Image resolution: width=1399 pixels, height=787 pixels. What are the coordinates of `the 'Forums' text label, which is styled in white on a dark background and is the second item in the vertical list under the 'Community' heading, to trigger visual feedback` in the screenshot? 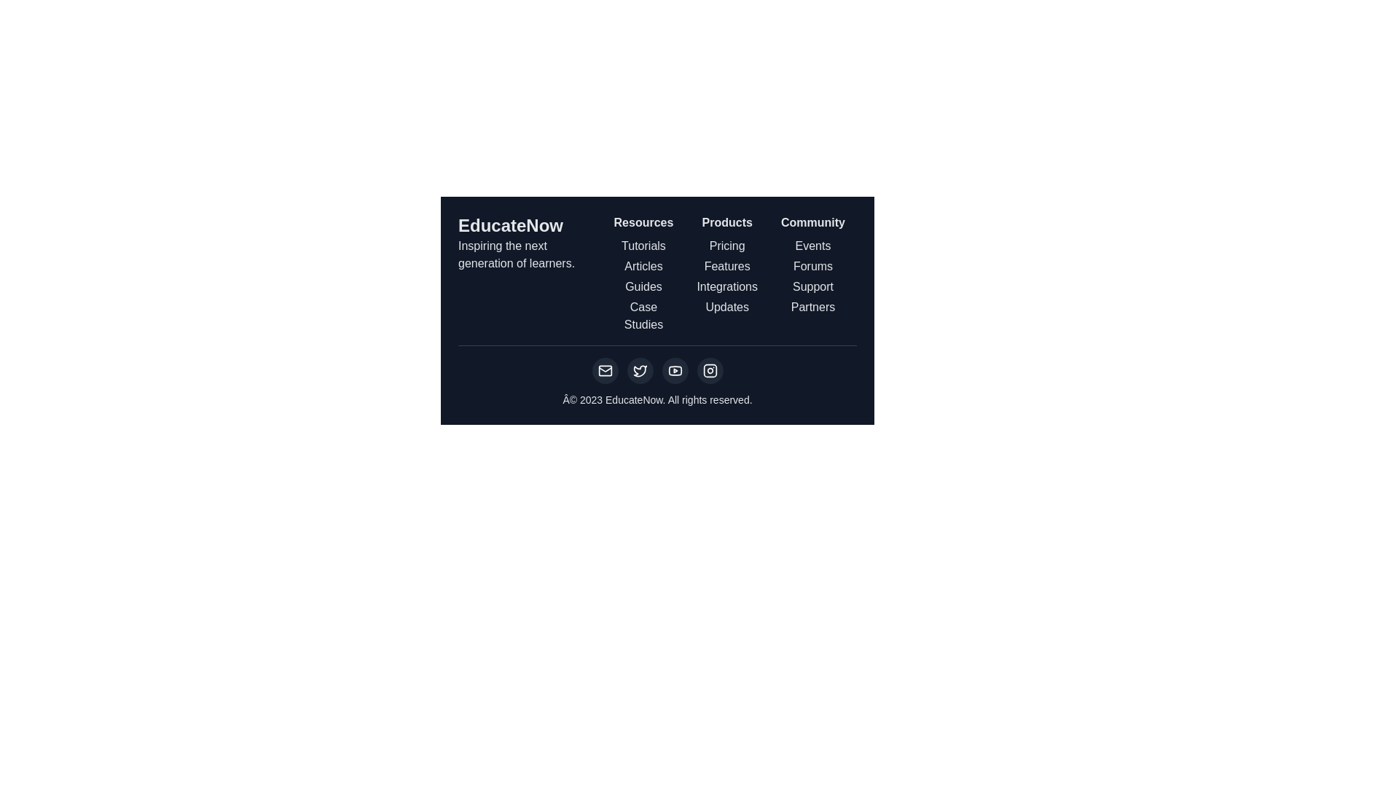 It's located at (812, 267).